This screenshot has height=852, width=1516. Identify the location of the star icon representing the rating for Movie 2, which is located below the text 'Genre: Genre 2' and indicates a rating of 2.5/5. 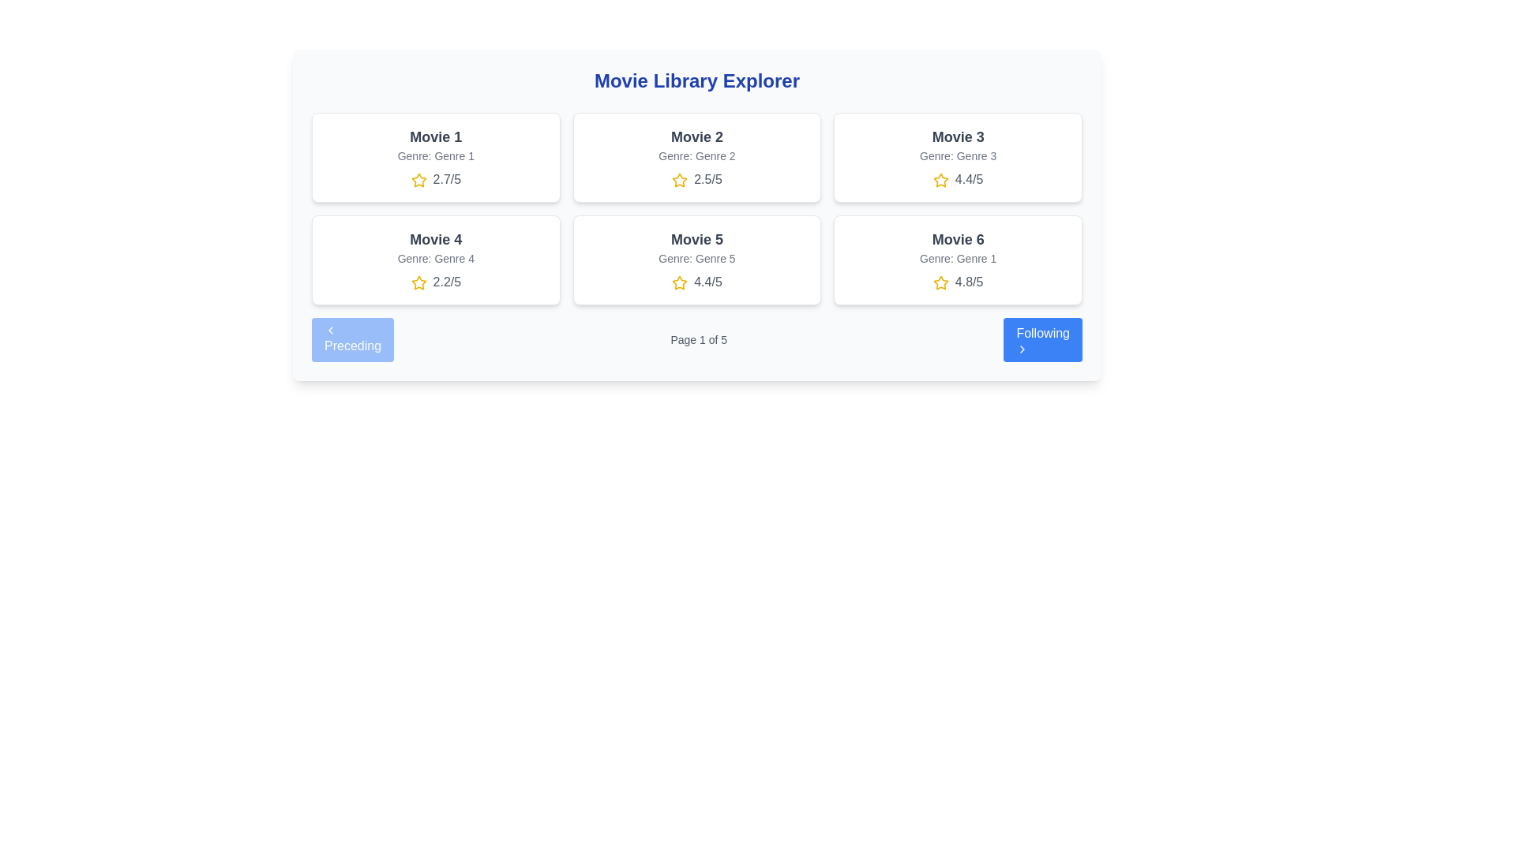
(680, 179).